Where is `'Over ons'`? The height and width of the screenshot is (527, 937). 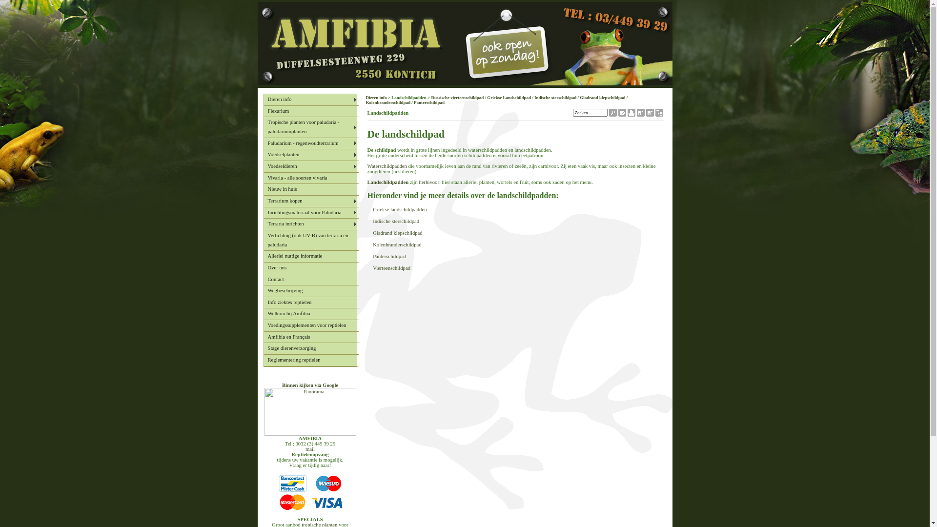 'Over ons' is located at coordinates (310, 268).